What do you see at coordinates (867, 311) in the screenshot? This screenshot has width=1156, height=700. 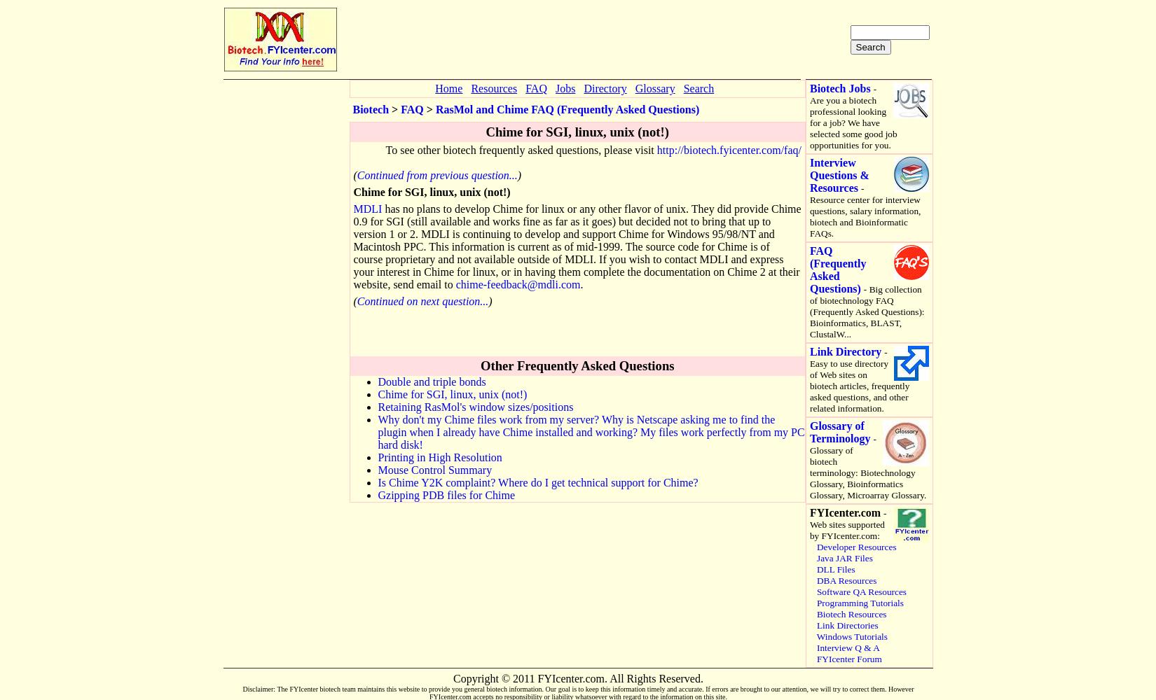 I see `'- Big collection of biotechnology FAQ (Frequently Asked Questions): Bioinformatics, BLAST, ClustalW...'` at bounding box center [867, 311].